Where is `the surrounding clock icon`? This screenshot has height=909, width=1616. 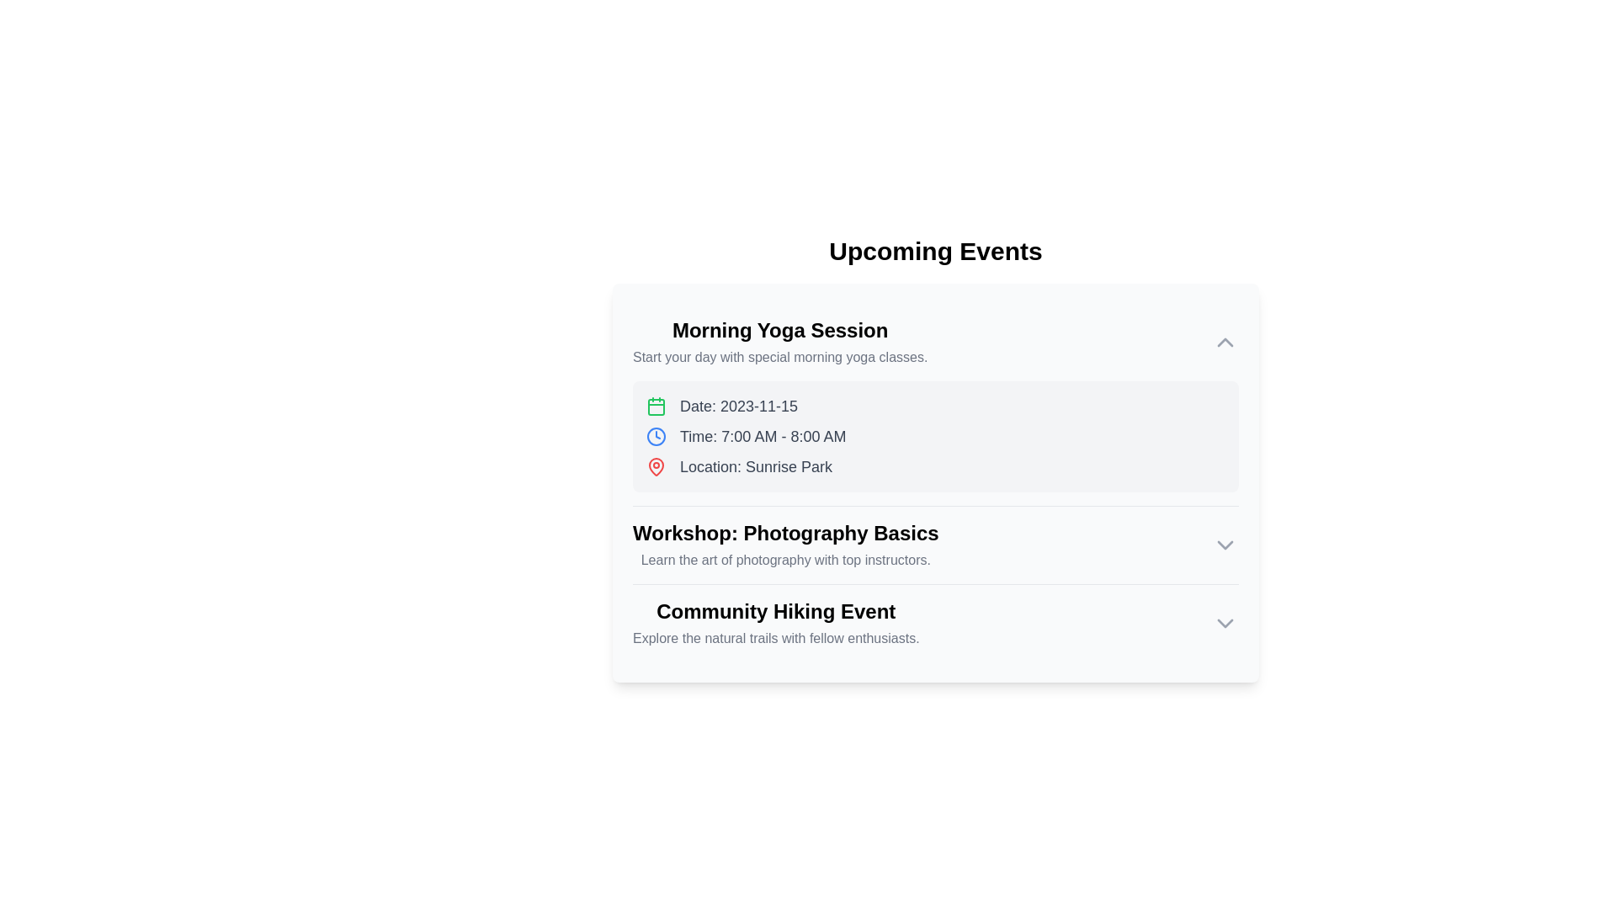
the surrounding clock icon is located at coordinates (655, 436).